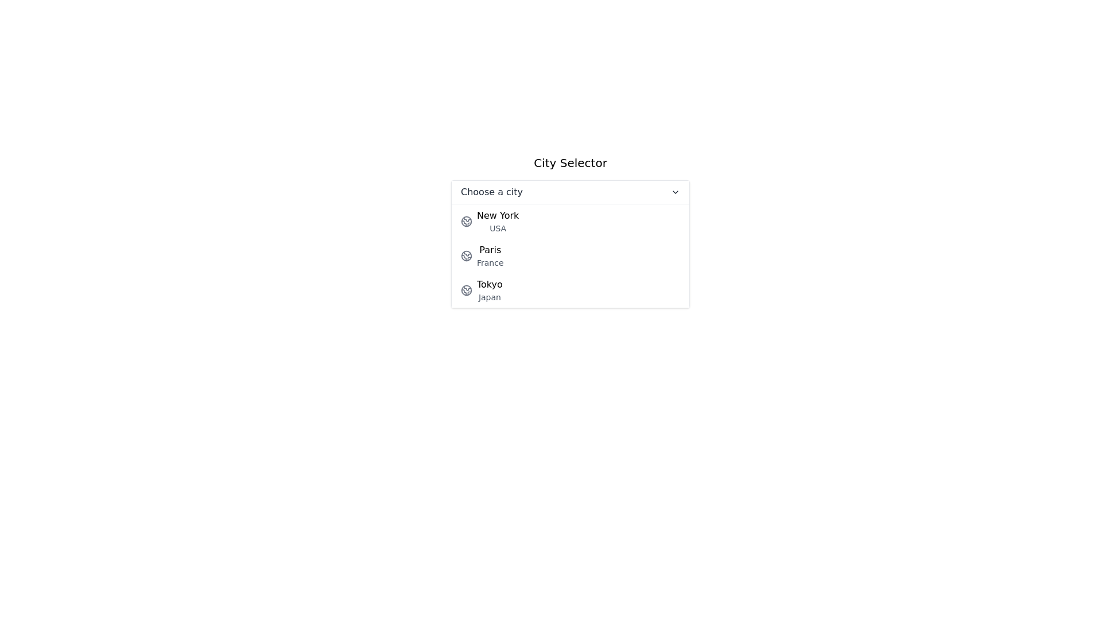 This screenshot has height=620, width=1102. Describe the element at coordinates (490, 296) in the screenshot. I see `the static text label indicating the country associated with 'Tokyo', which is 'Japan', located in the dropdown menu of the city selector widget` at that location.